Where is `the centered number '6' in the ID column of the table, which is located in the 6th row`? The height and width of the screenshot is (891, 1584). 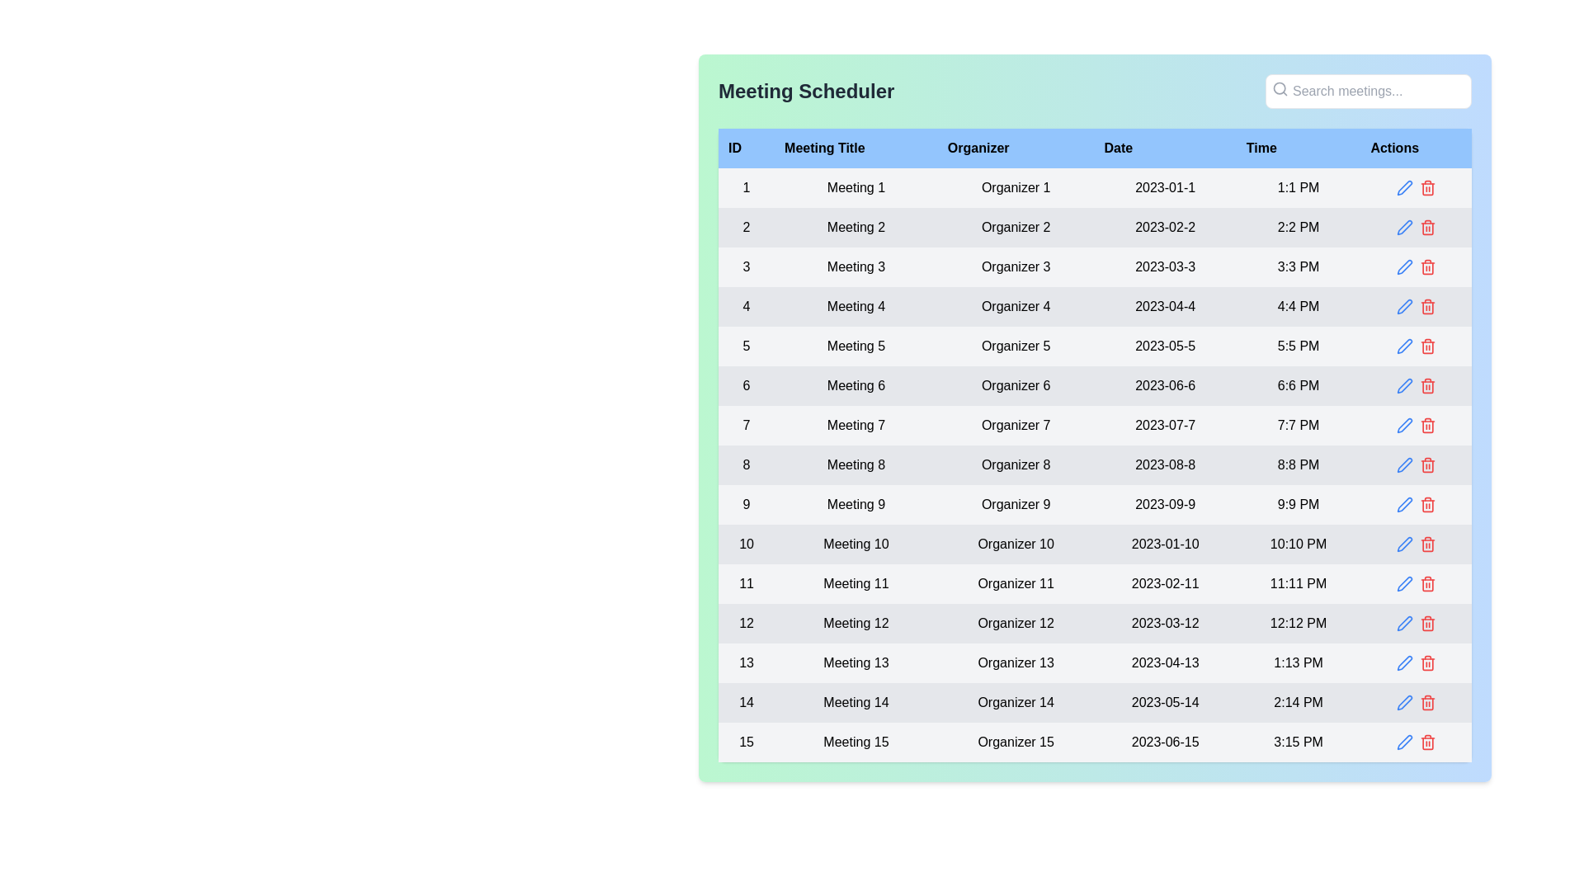
the centered number '6' in the ID column of the table, which is located in the 6th row is located at coordinates (746, 385).